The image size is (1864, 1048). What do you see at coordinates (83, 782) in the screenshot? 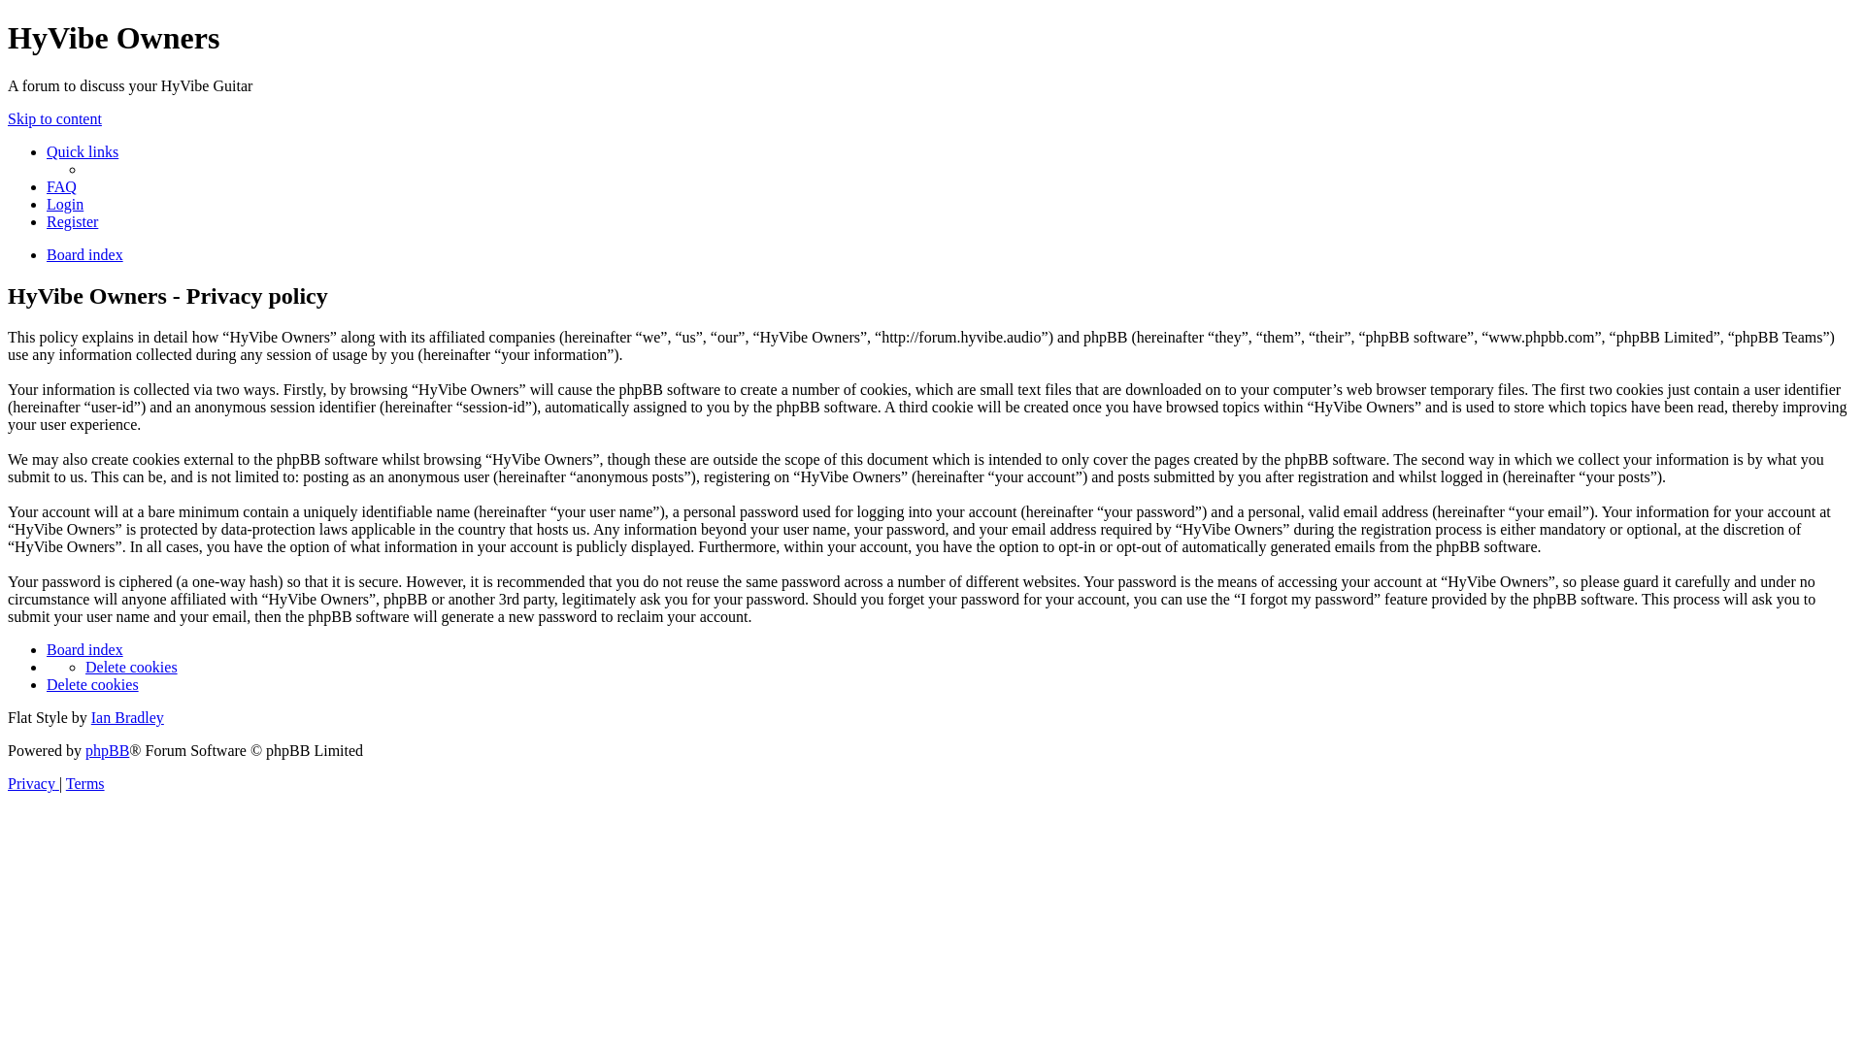
I see `'Terms'` at bounding box center [83, 782].